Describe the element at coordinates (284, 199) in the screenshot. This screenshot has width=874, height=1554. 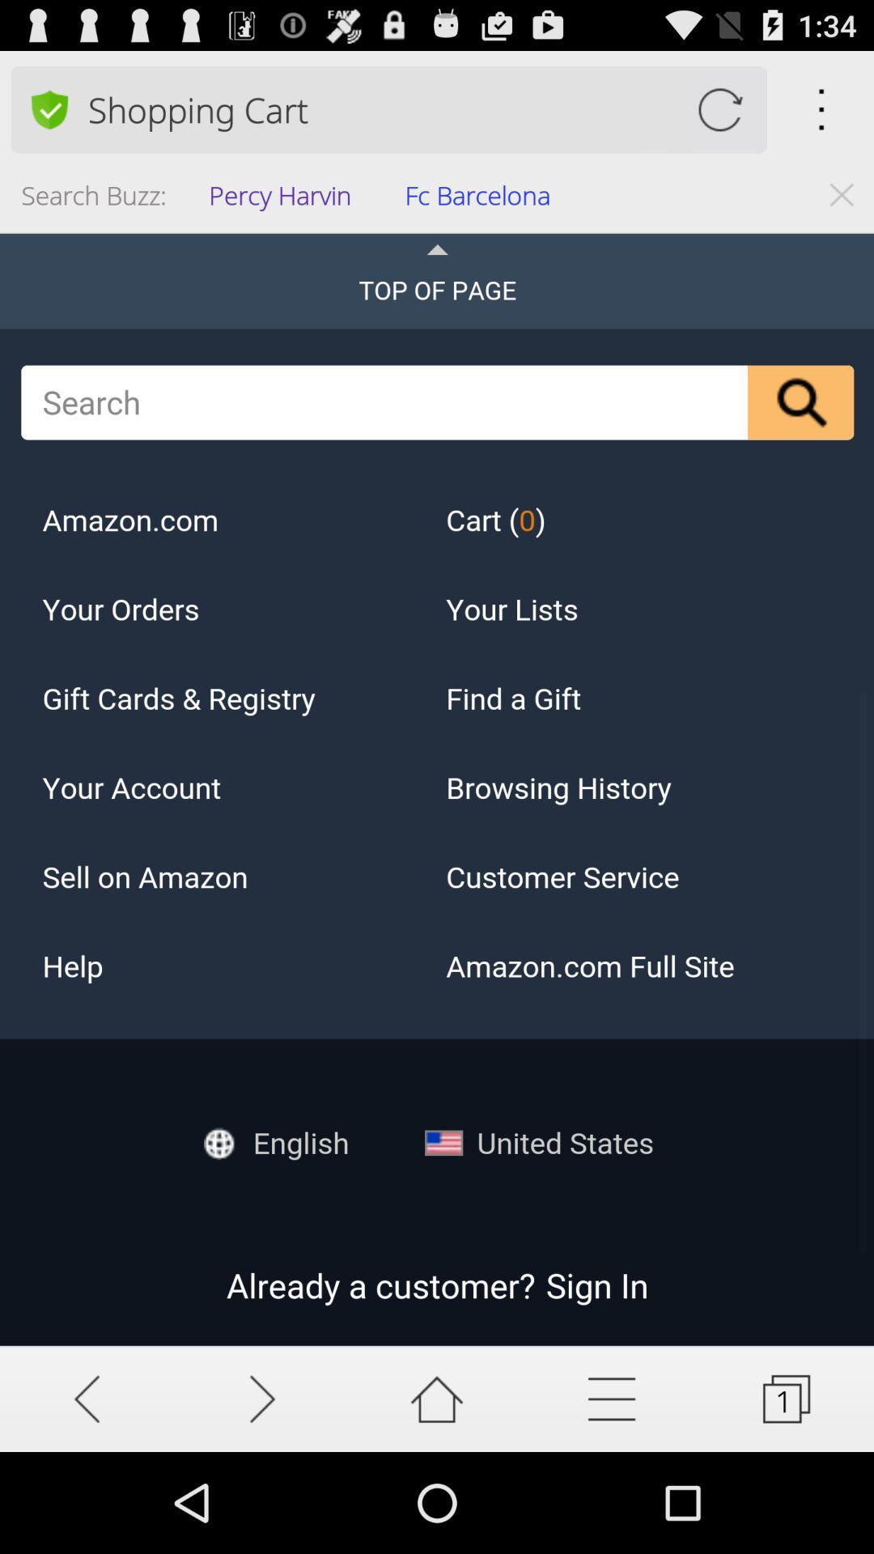
I see `item next to search buzz:` at that location.